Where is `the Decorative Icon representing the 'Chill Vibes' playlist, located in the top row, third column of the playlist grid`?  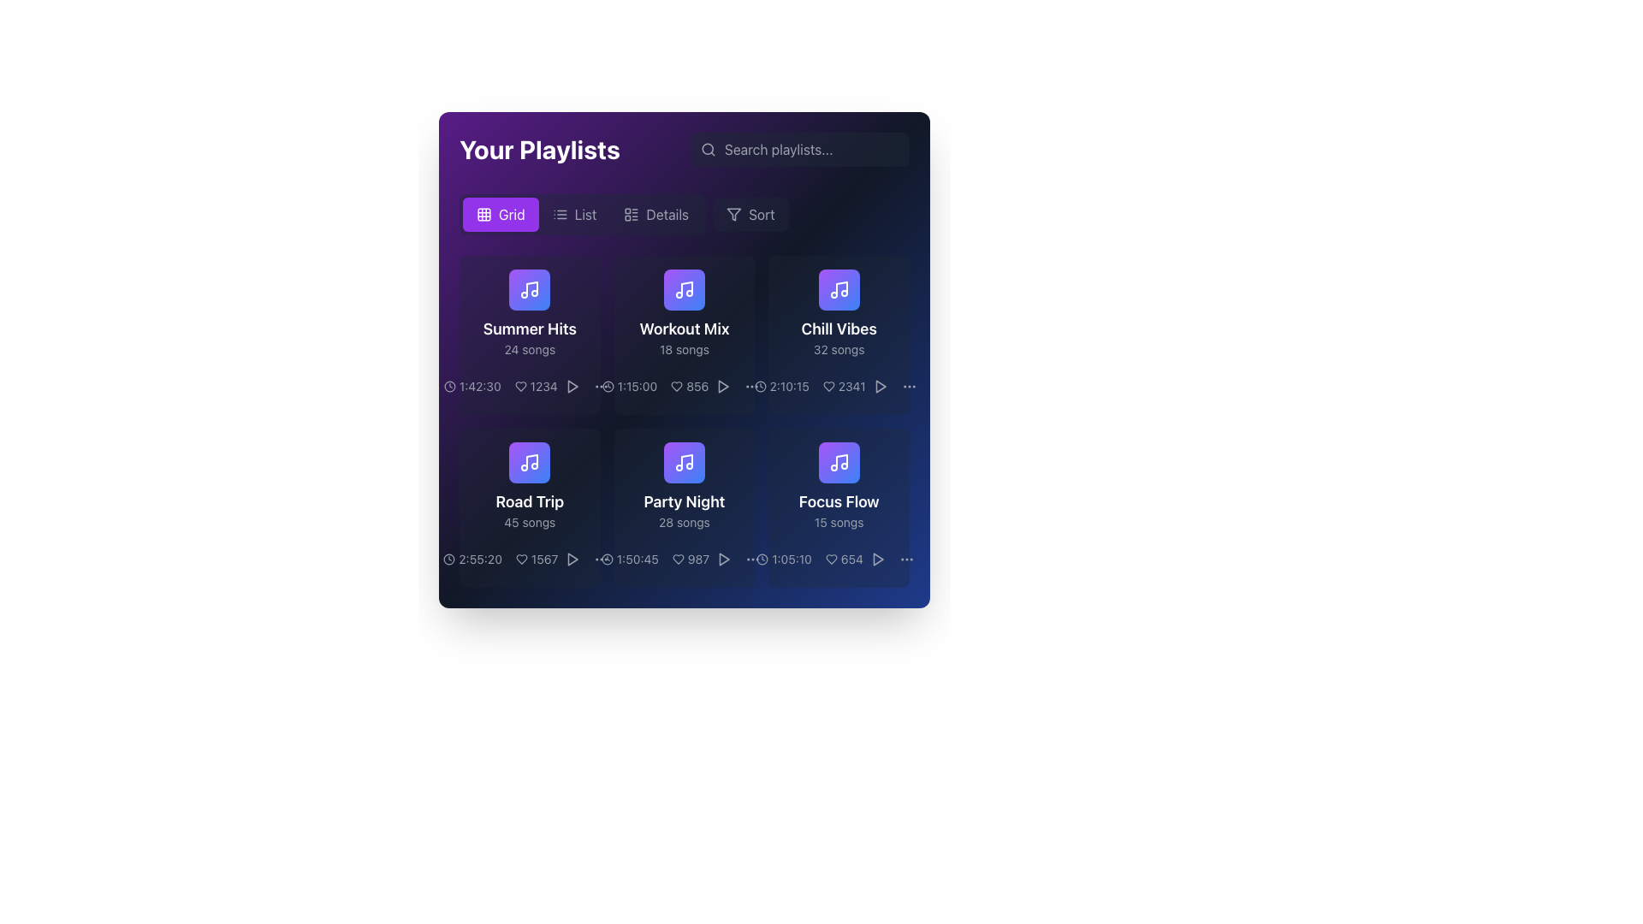 the Decorative Icon representing the 'Chill Vibes' playlist, located in the top row, third column of the playlist grid is located at coordinates (839, 289).